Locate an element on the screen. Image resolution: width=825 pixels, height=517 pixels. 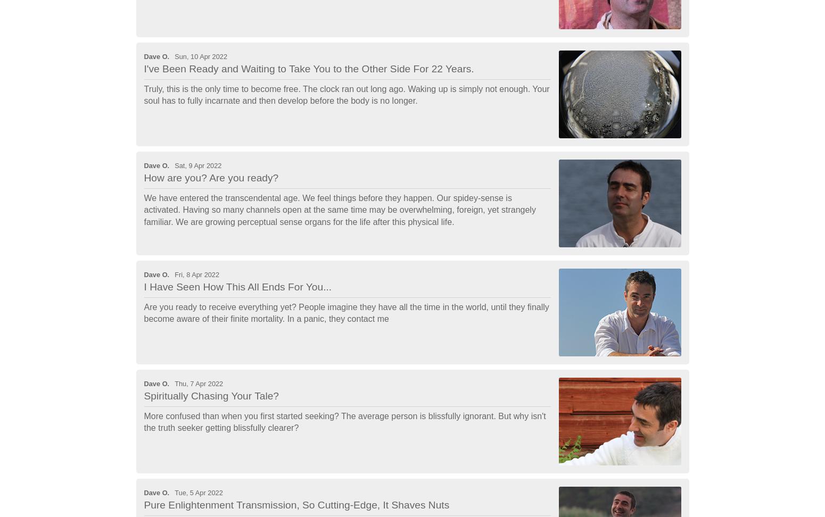
'Spiritually Chasing Your Tale?' is located at coordinates (211, 396).